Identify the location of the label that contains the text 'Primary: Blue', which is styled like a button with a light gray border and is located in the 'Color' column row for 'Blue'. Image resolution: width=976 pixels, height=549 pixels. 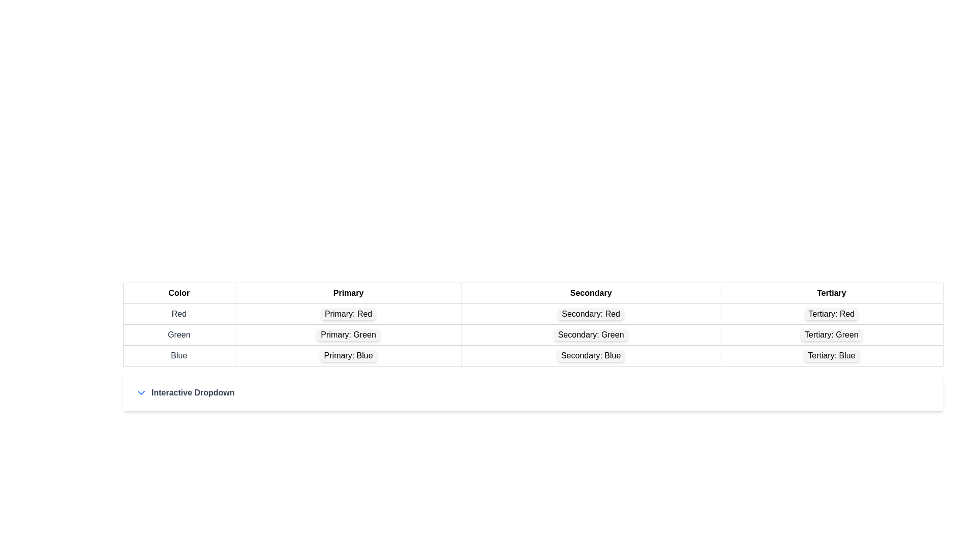
(348, 355).